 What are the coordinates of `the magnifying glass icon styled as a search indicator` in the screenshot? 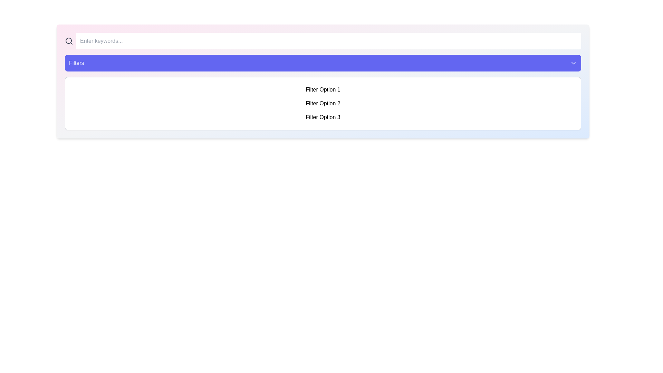 It's located at (69, 41).